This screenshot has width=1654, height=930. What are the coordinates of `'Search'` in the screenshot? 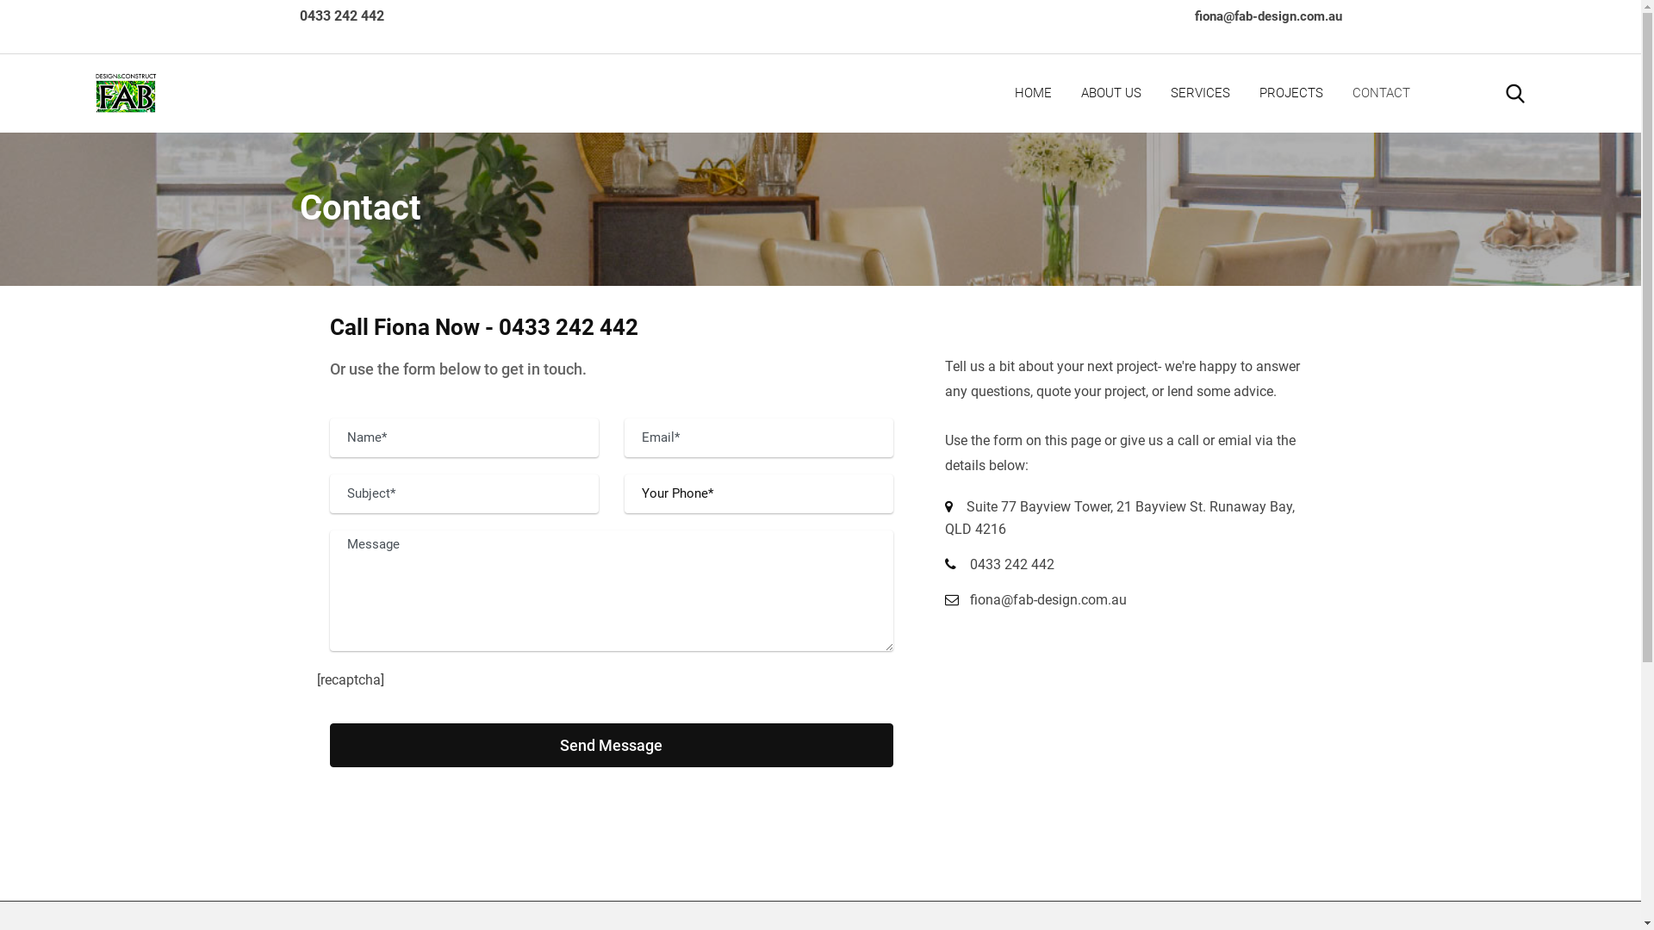 It's located at (1514, 93).